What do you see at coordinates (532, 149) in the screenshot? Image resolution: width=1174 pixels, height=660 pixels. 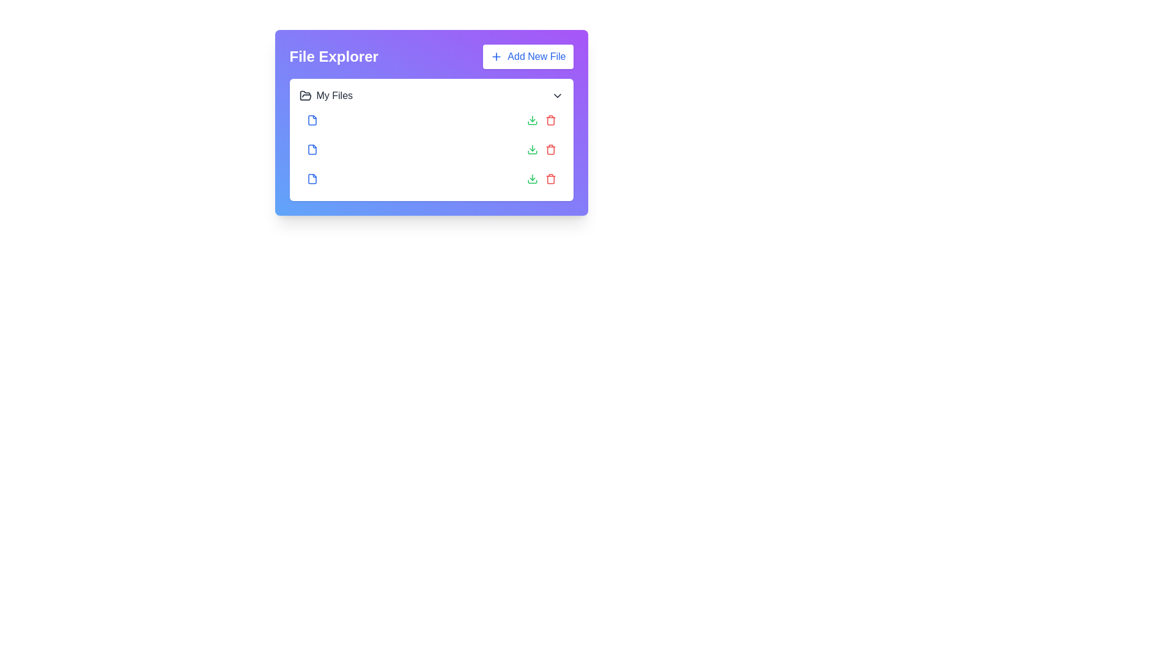 I see `the Download button/icon located in the second visible row of the file list in the File Explorer interface to initiate the download action` at bounding box center [532, 149].